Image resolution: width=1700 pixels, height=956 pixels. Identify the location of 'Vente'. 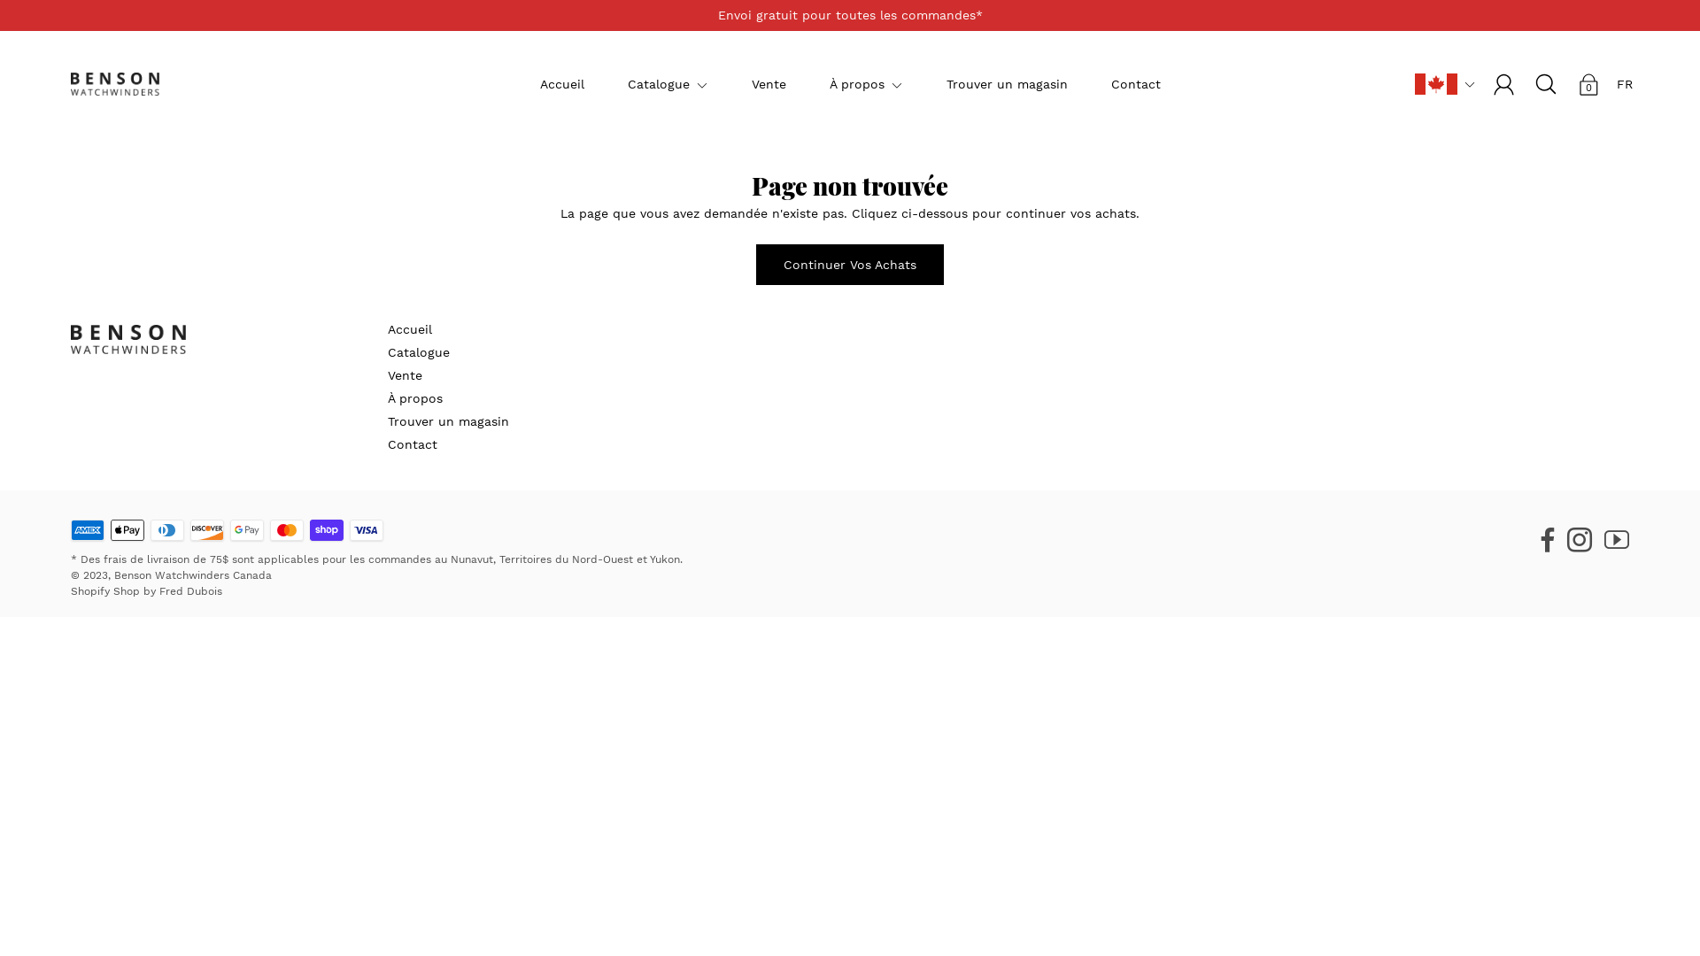
(404, 374).